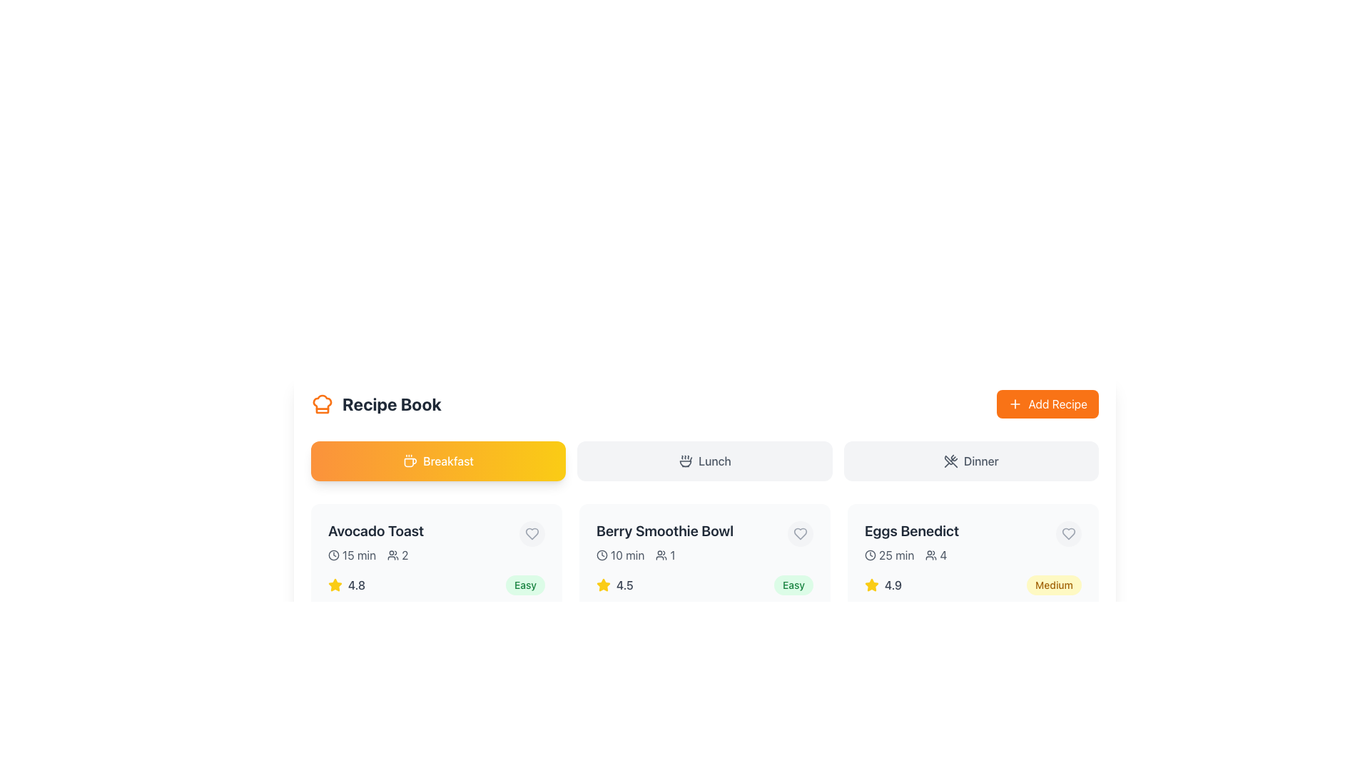  Describe the element at coordinates (980, 461) in the screenshot. I see `the text label reading 'Dinner', which is styled with a medium font-weight and located at the center of the interface, indicating a meal category along with an icon of crossed utensils` at that location.